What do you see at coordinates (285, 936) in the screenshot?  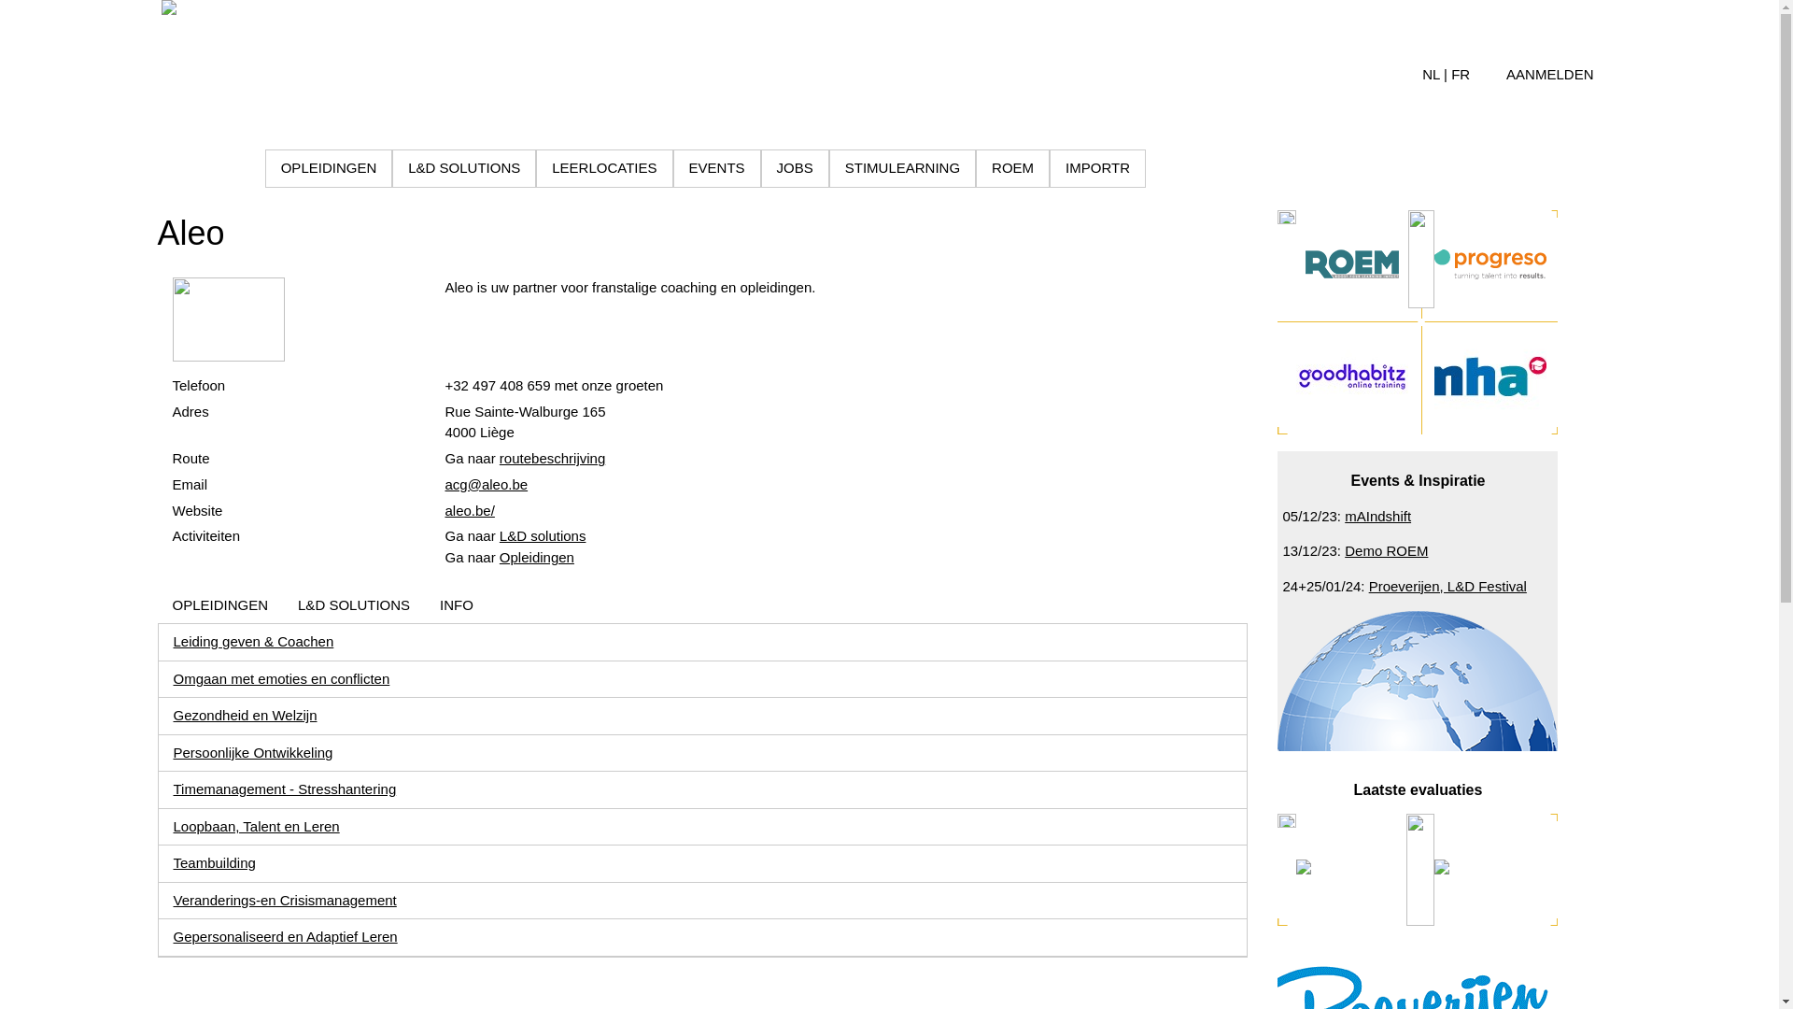 I see `'Gepersonaliseerd en Adaptief Leren'` at bounding box center [285, 936].